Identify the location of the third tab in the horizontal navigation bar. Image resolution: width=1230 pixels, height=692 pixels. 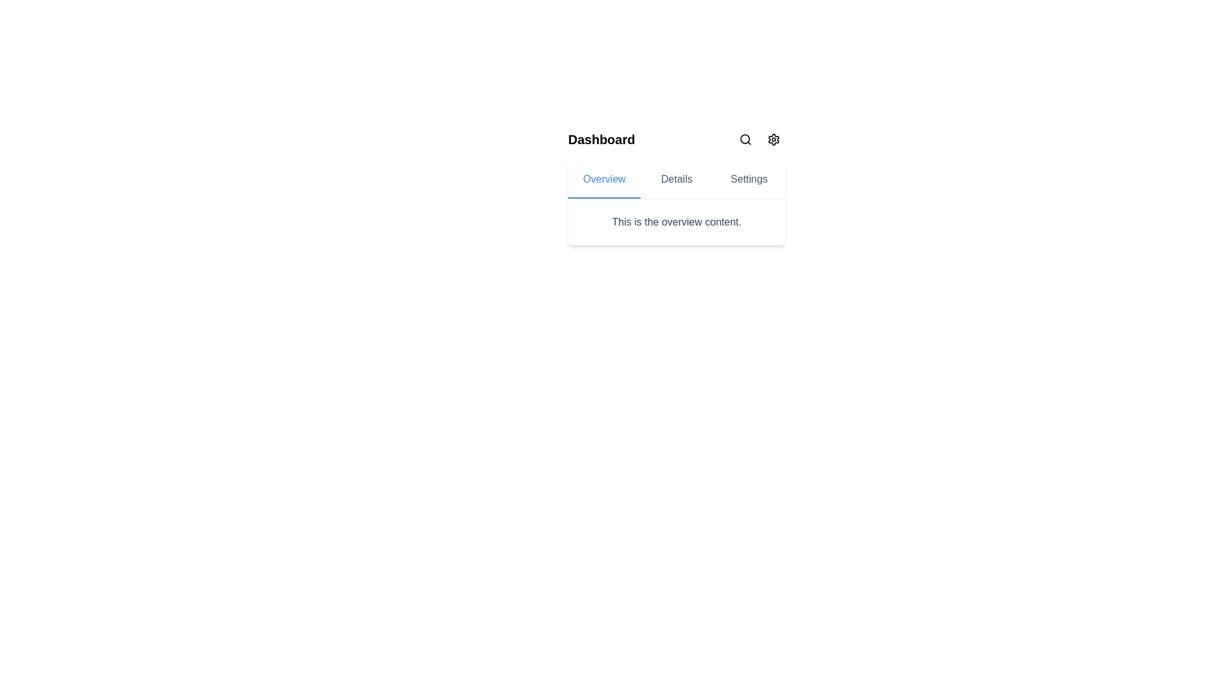
(749, 180).